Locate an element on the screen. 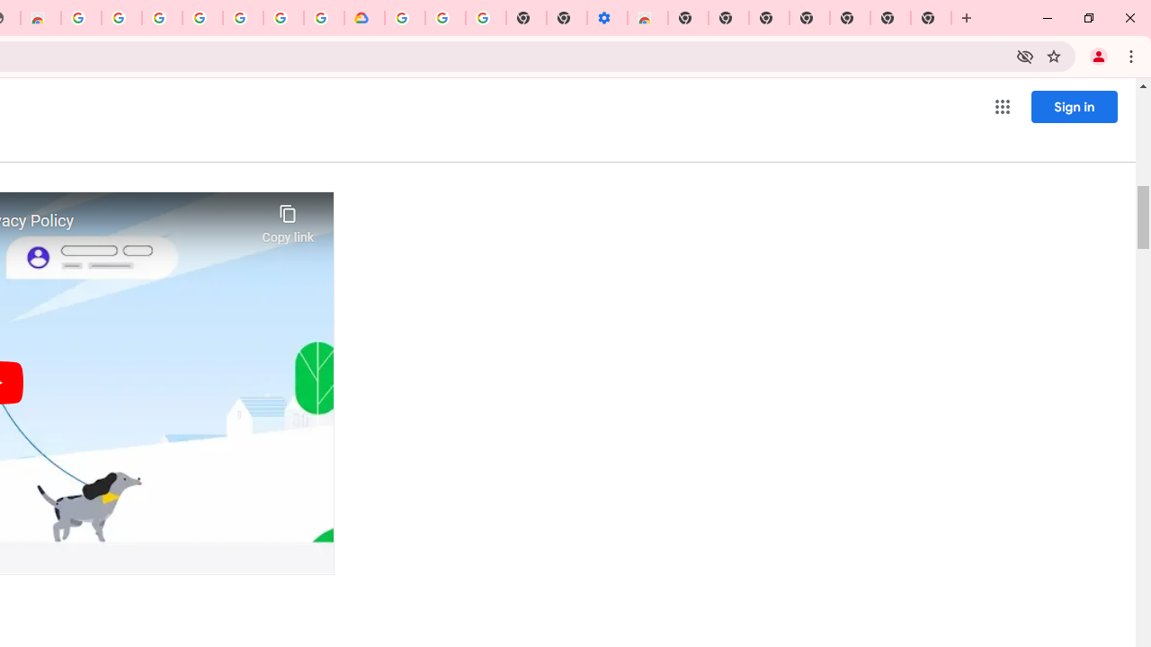 Image resolution: width=1151 pixels, height=647 pixels. 'Google apps' is located at coordinates (1001, 107).